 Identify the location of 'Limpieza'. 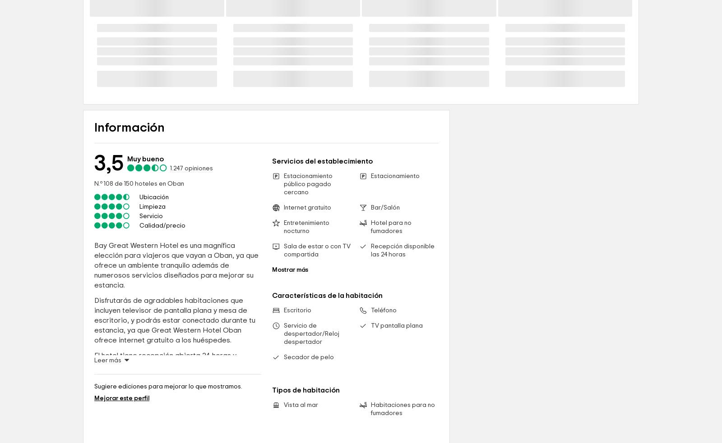
(152, 284).